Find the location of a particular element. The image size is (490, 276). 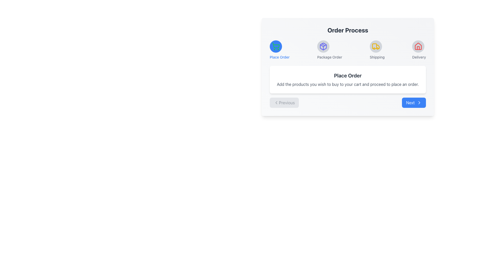

the blue-colored text label reading 'Place Order', which is styled in a smaller font size with medium weight and positioned below a blue circular icon with a shopping cart is located at coordinates (279, 57).